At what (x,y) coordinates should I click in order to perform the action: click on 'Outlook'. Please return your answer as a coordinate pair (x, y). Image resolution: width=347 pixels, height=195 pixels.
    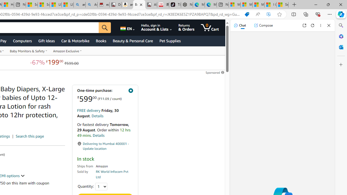
    Looking at the image, I should click on (341, 47).